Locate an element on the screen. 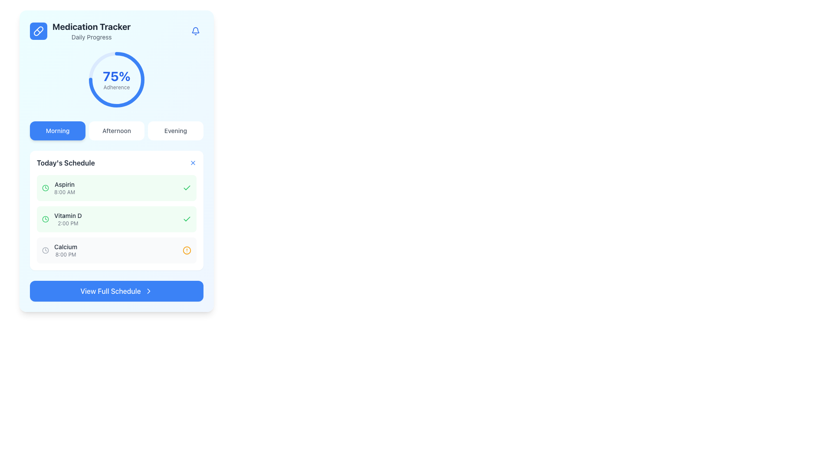 The image size is (833, 468). the third button in a horizontal group of three, which switches to or displays the 'Evening' section of the application is located at coordinates (175, 130).